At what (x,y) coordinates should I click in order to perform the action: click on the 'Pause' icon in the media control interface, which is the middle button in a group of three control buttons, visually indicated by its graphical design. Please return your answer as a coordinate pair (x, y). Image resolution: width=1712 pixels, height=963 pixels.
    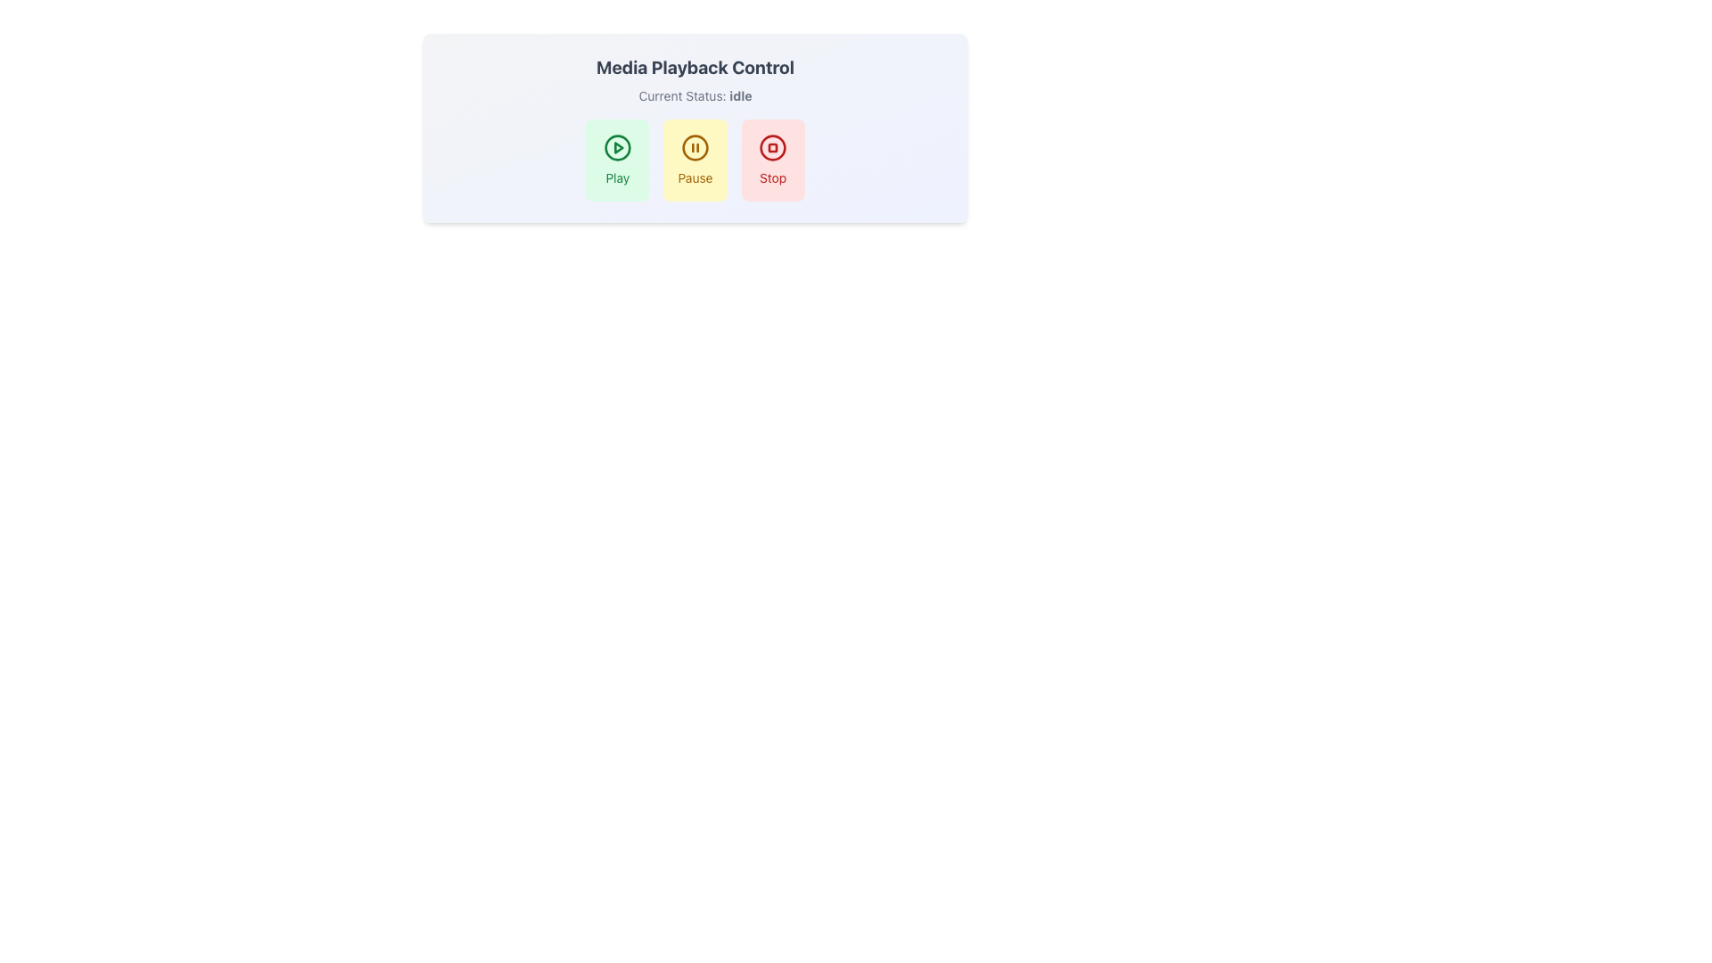
    Looking at the image, I should click on (694, 146).